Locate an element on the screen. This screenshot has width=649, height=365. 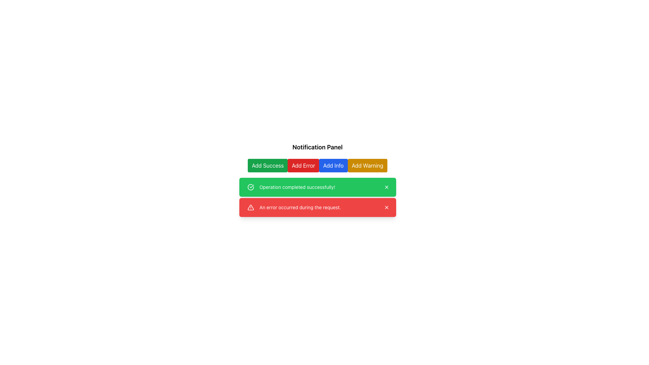
message from the Notification Bar, which indicates 'Operation completed successfully!' is located at coordinates (317, 187).